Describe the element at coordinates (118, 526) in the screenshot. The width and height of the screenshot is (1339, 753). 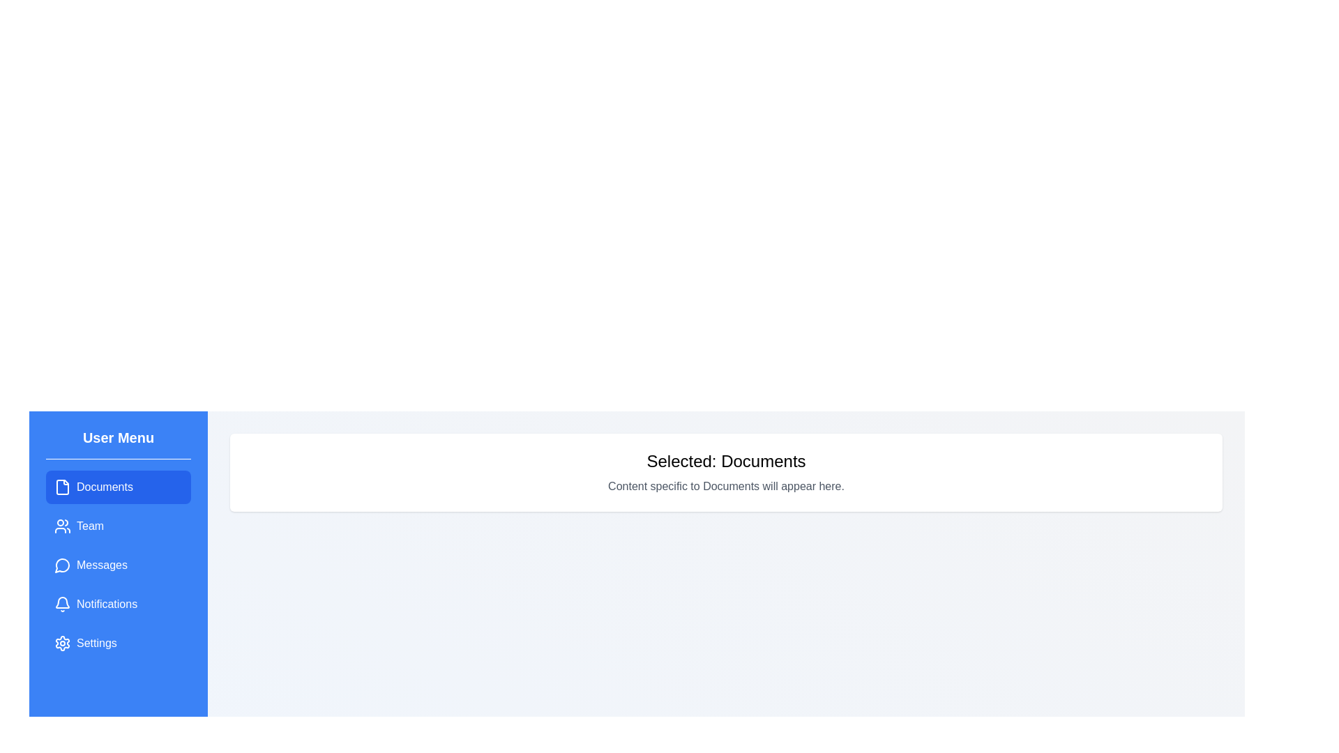
I see `the menu item labeled 'Team' to observe its hover effect` at that location.